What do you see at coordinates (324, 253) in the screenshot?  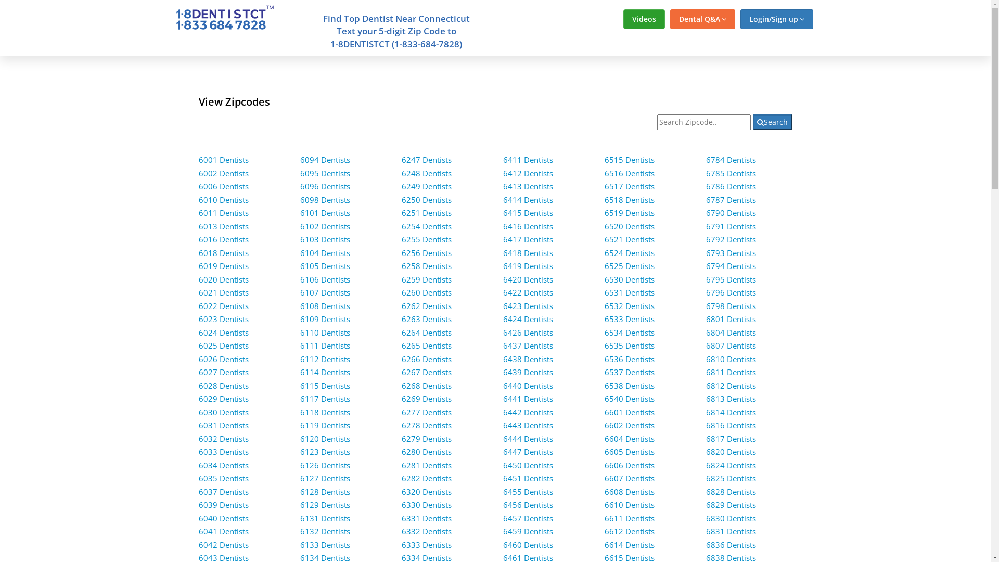 I see `'6104 Dentists'` at bounding box center [324, 253].